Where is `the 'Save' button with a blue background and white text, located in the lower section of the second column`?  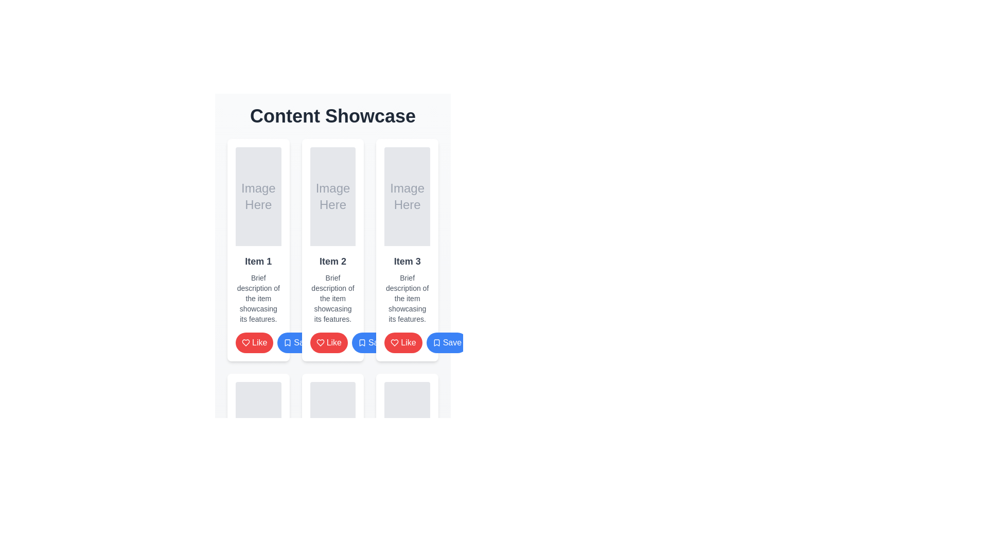 the 'Save' button with a blue background and white text, located in the lower section of the second column is located at coordinates (297, 343).